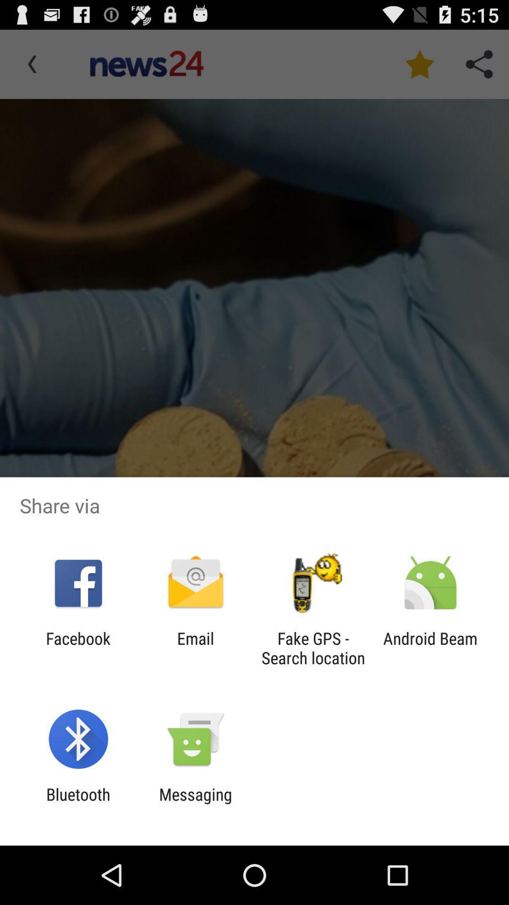 Image resolution: width=509 pixels, height=905 pixels. What do you see at coordinates (313, 648) in the screenshot?
I see `the item next to the android beam app` at bounding box center [313, 648].